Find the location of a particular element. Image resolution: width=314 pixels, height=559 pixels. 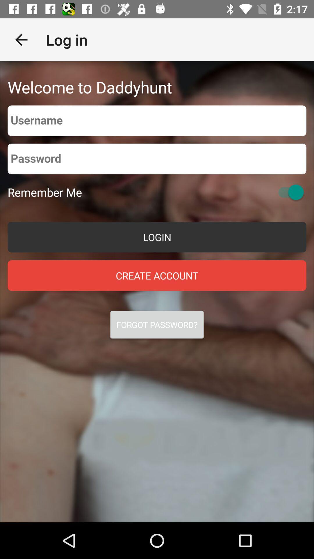

the create account is located at coordinates (157, 275).